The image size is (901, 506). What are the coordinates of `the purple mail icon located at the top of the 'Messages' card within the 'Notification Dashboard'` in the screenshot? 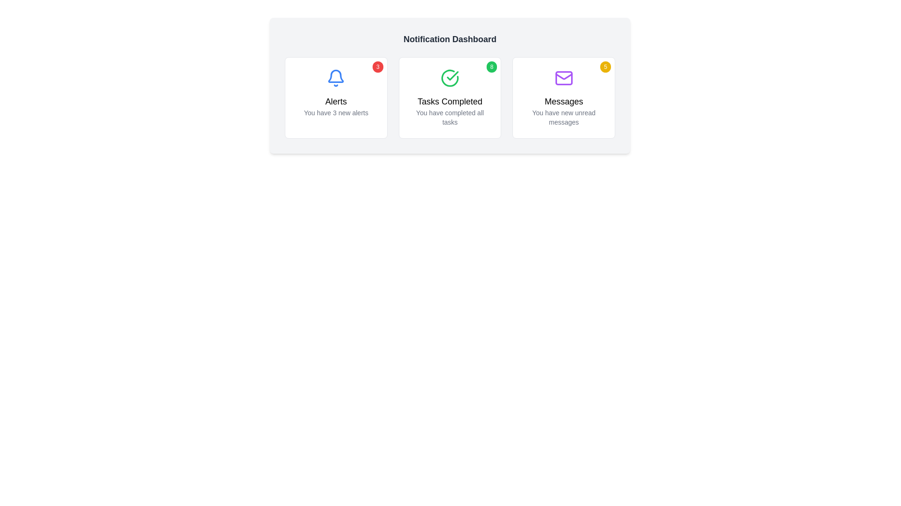 It's located at (563, 77).